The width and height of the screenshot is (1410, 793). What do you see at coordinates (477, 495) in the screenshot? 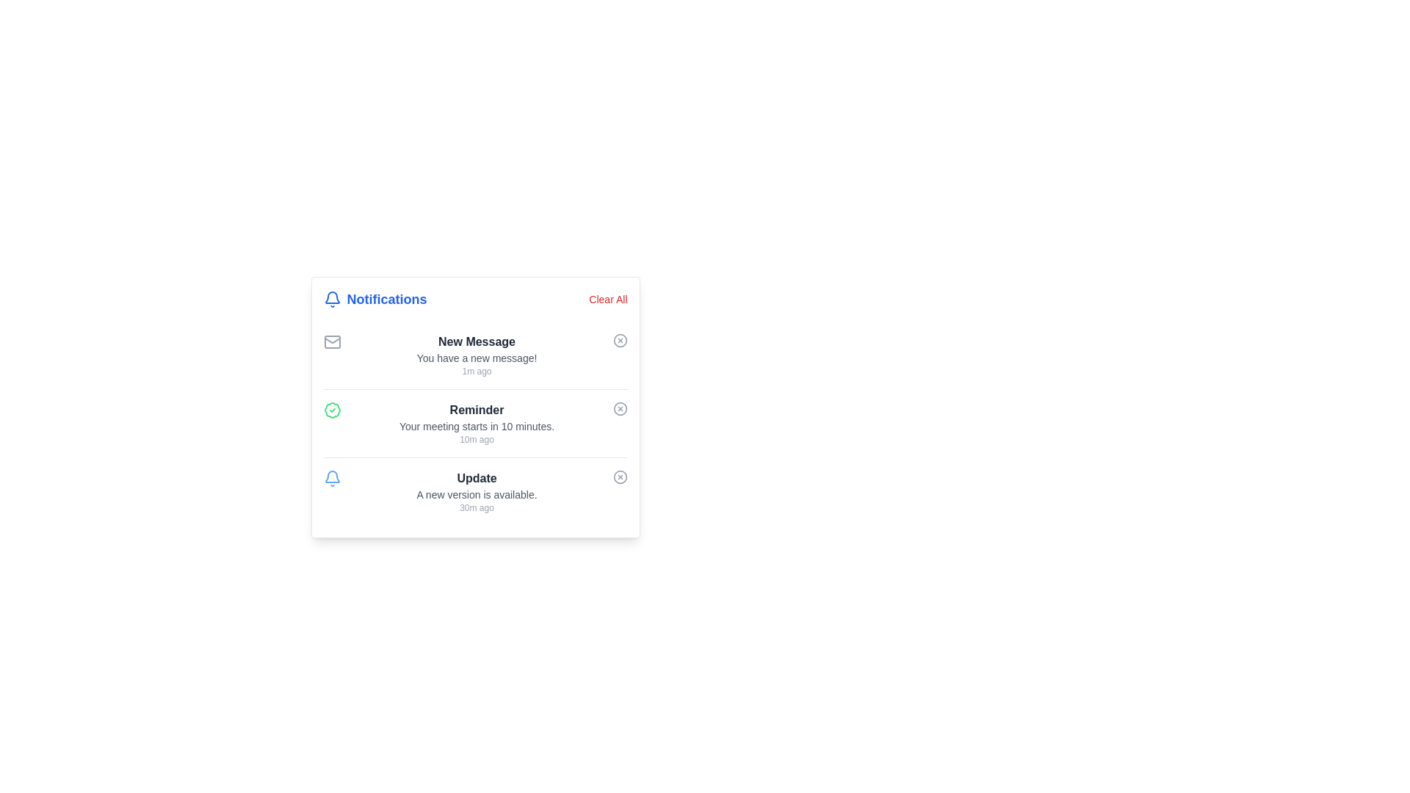
I see `the Text label that provides supplementary information for a notification about a new version being available, positioned below the 'Update' headline and above the timestamp '30m ago'` at bounding box center [477, 495].